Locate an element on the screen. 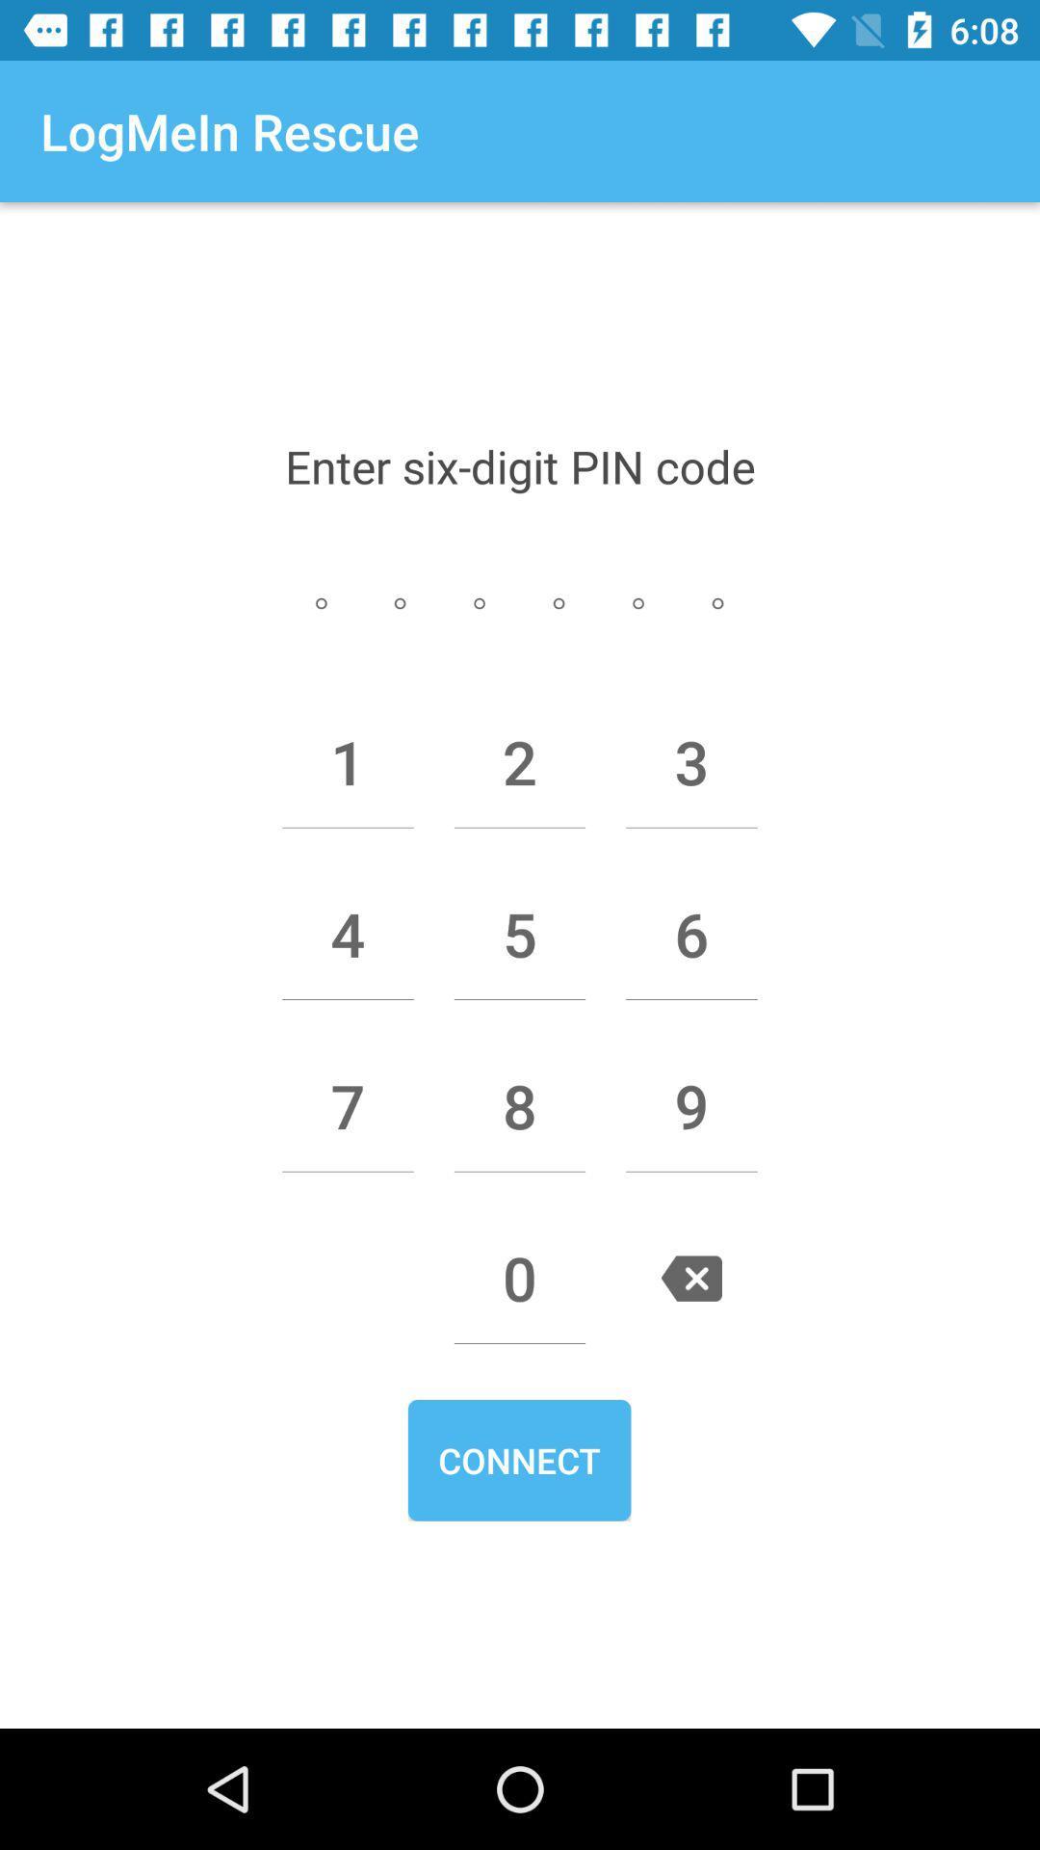 This screenshot has width=1040, height=1850. item next to 1 icon is located at coordinates (520, 761).